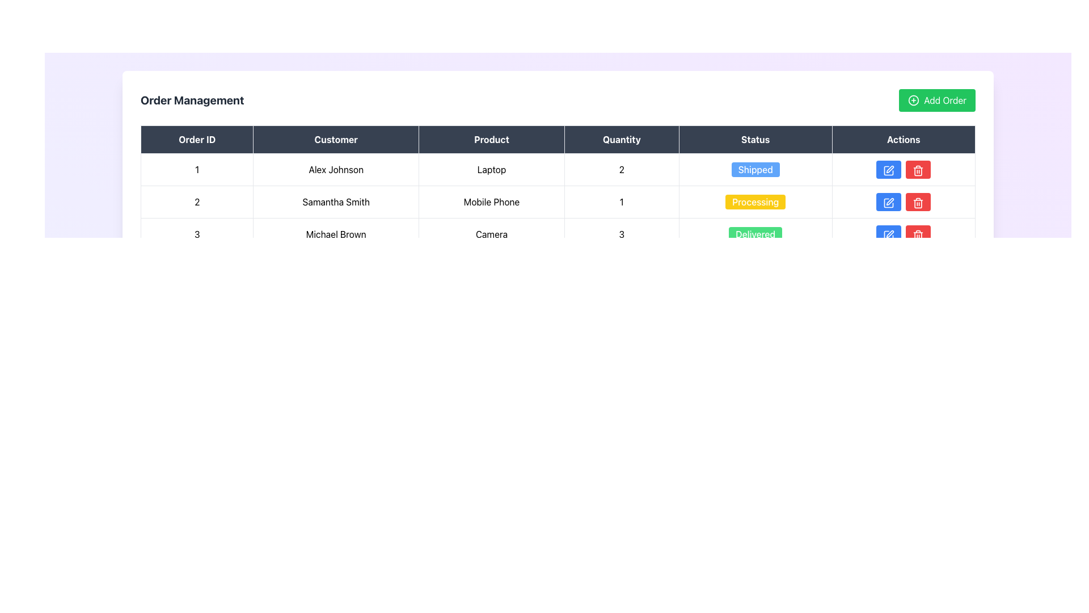 The width and height of the screenshot is (1089, 613). I want to click on the red-rounded background button with white text and a trash bin icon located in the 'Actions' column of the last row of the table, so click(918, 233).